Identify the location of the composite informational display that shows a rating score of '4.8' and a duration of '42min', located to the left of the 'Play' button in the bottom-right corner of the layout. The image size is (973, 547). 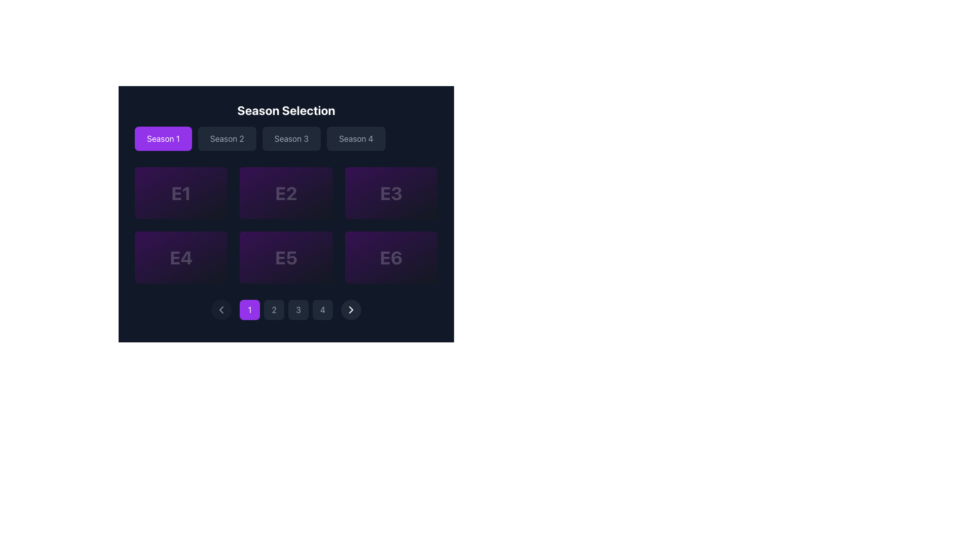
(384, 230).